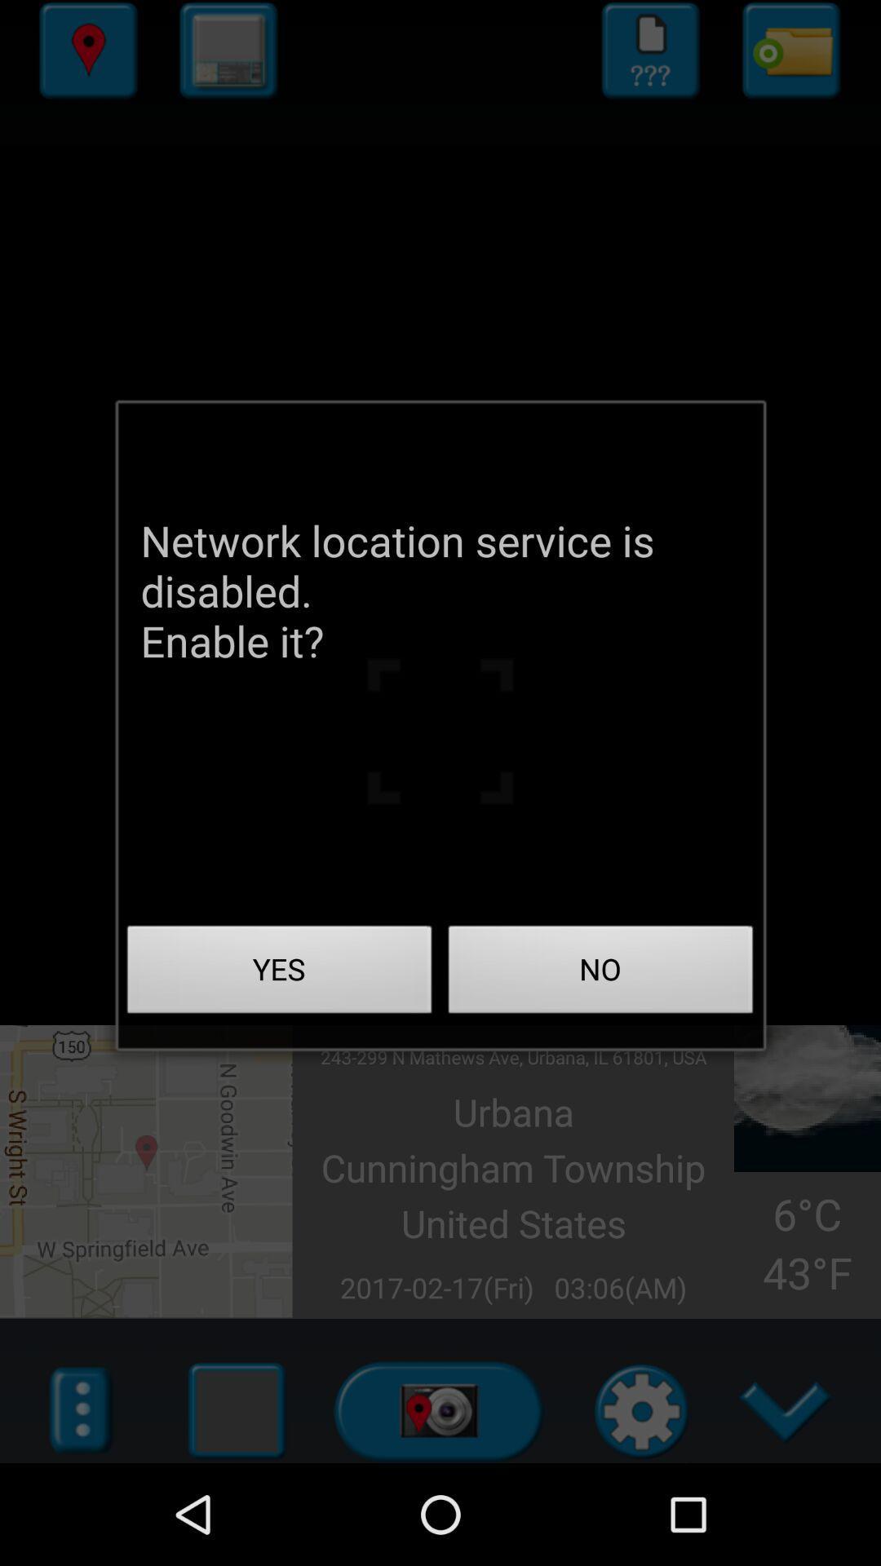 The width and height of the screenshot is (881, 1566). What do you see at coordinates (279, 974) in the screenshot?
I see `yes` at bounding box center [279, 974].